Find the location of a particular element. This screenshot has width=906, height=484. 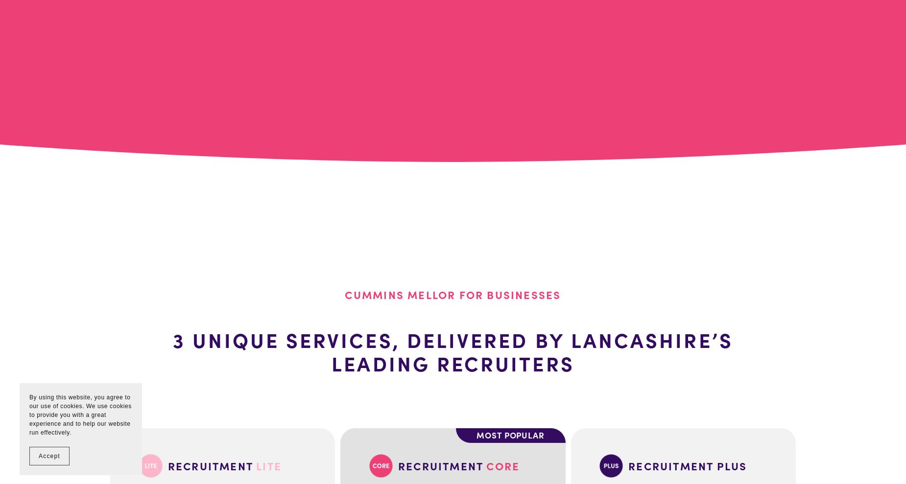

'CORE' is located at coordinates (502, 465).